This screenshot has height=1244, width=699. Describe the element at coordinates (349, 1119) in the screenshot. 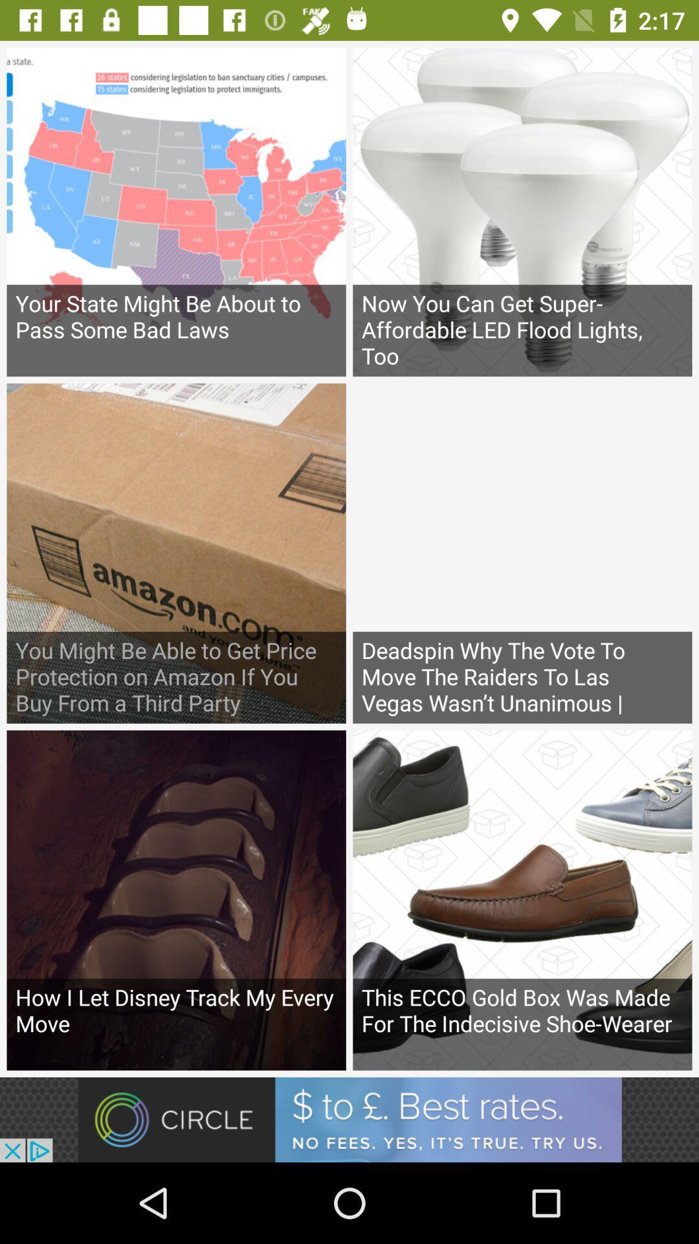

I see `advertisement page` at that location.